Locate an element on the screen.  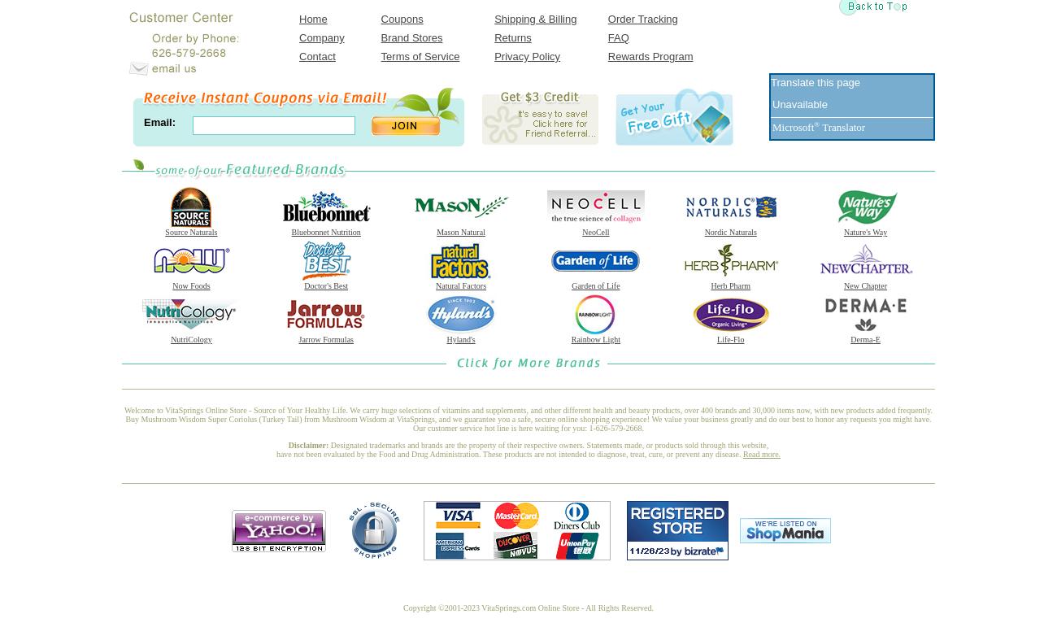
'Derma-E' is located at coordinates (865, 339).